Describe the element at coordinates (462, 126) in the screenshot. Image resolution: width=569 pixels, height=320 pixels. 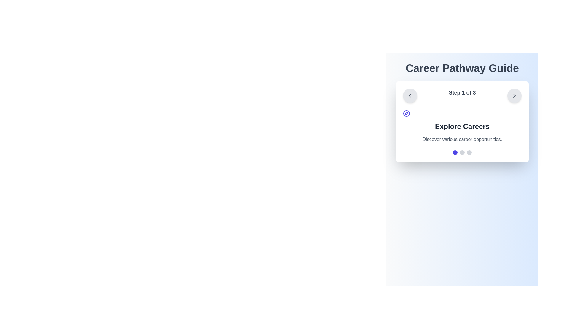
I see `text in the 'Explore Careers' section, which introduces the user to the purpose and context of subsequent information or actions` at that location.